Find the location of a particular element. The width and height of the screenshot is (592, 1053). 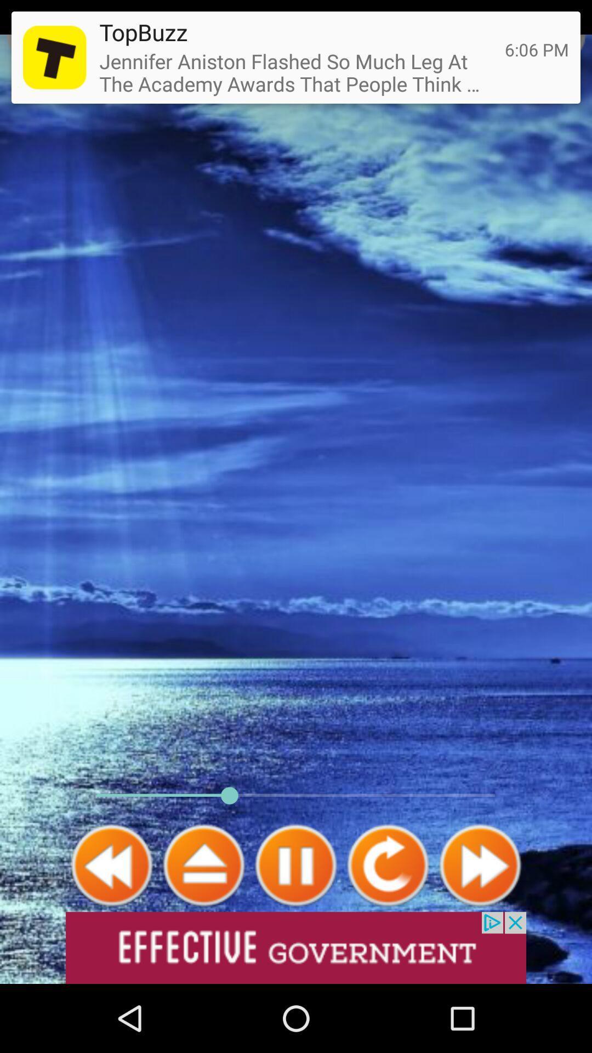

the pause icon is located at coordinates (296, 926).